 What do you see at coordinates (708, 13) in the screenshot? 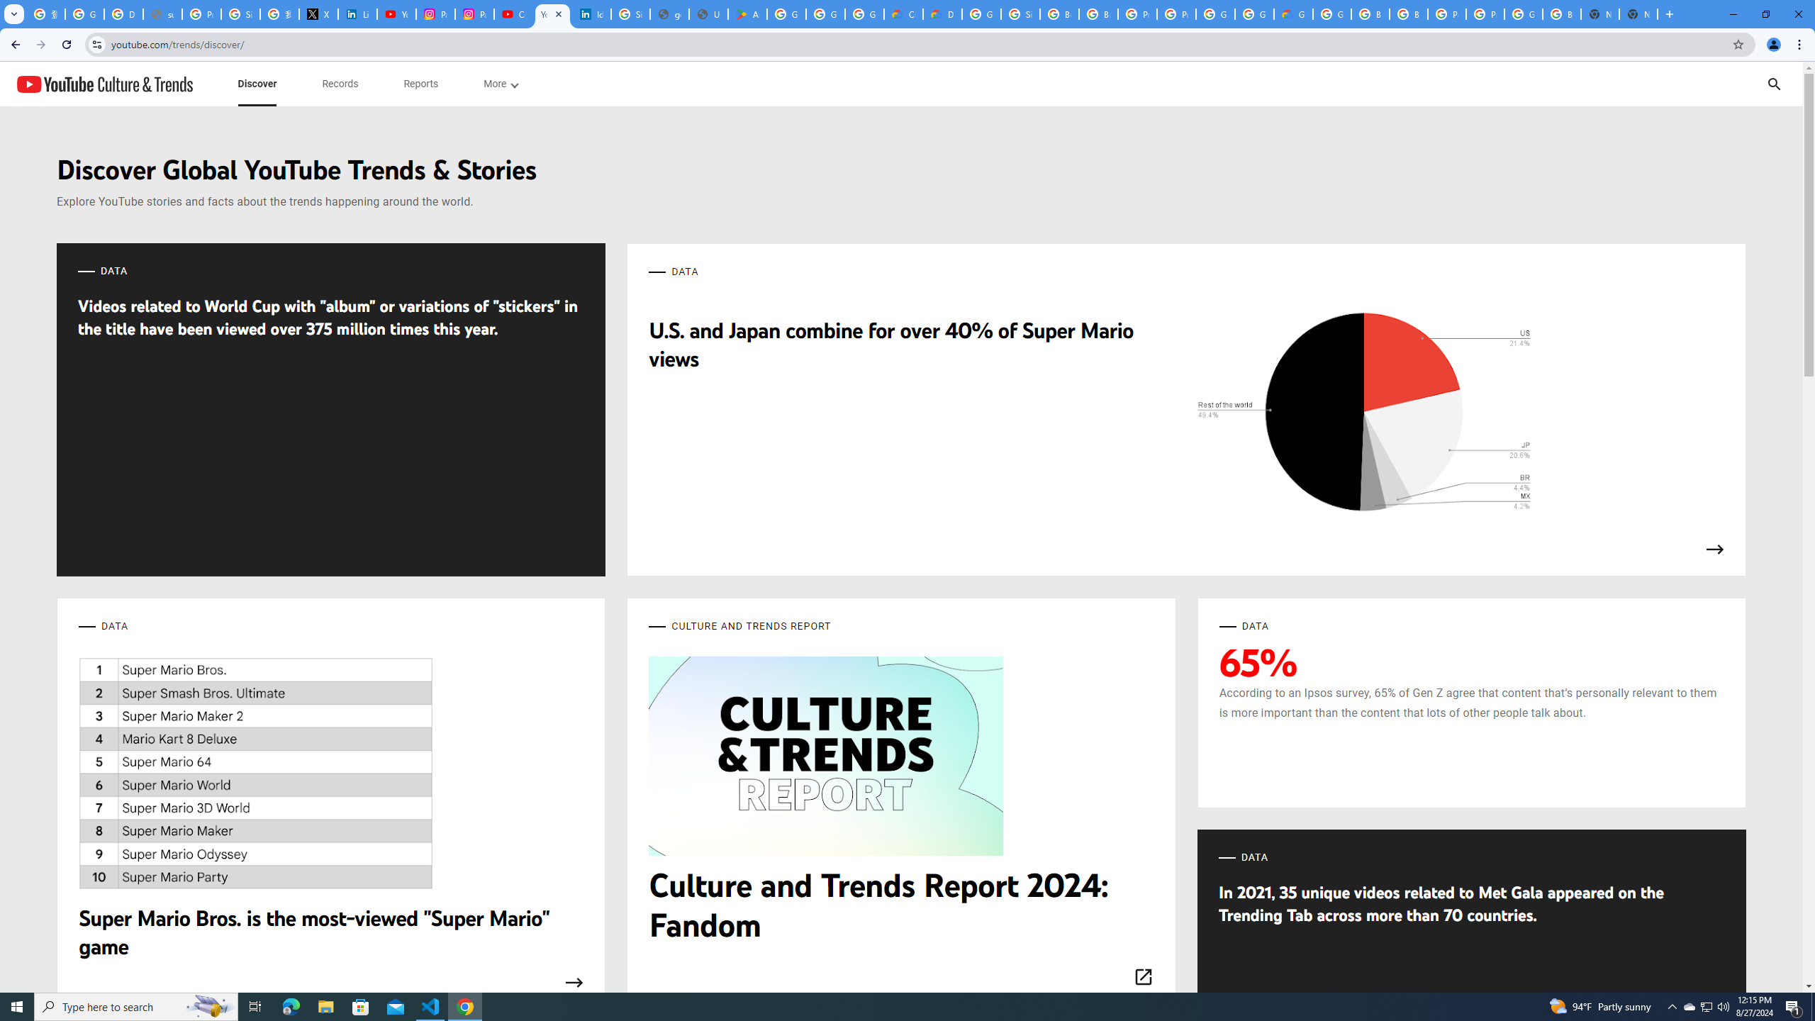
I see `'User Details'` at bounding box center [708, 13].